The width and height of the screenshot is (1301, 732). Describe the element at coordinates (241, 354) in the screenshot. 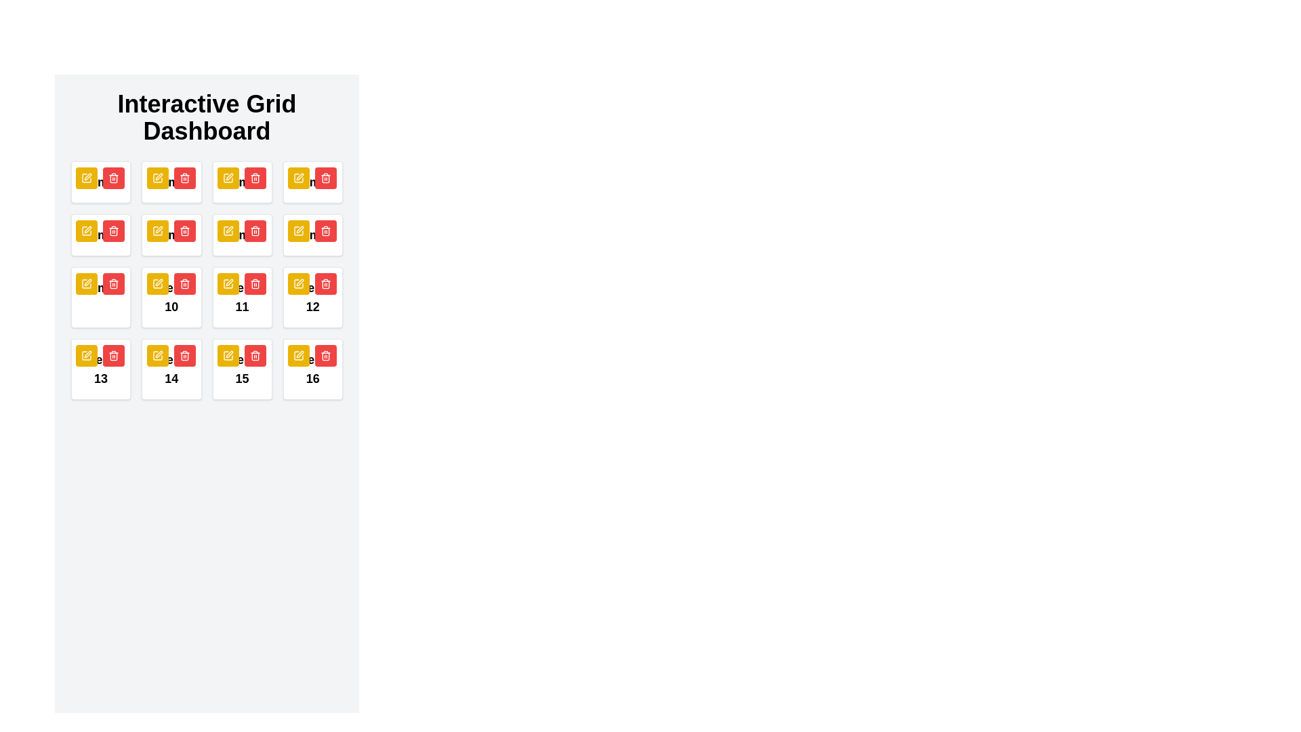

I see `the button group containing the yellow 'Edit' button and the red 'Delete' button at the top-right corner of the card labeled 'Item 15'` at that location.